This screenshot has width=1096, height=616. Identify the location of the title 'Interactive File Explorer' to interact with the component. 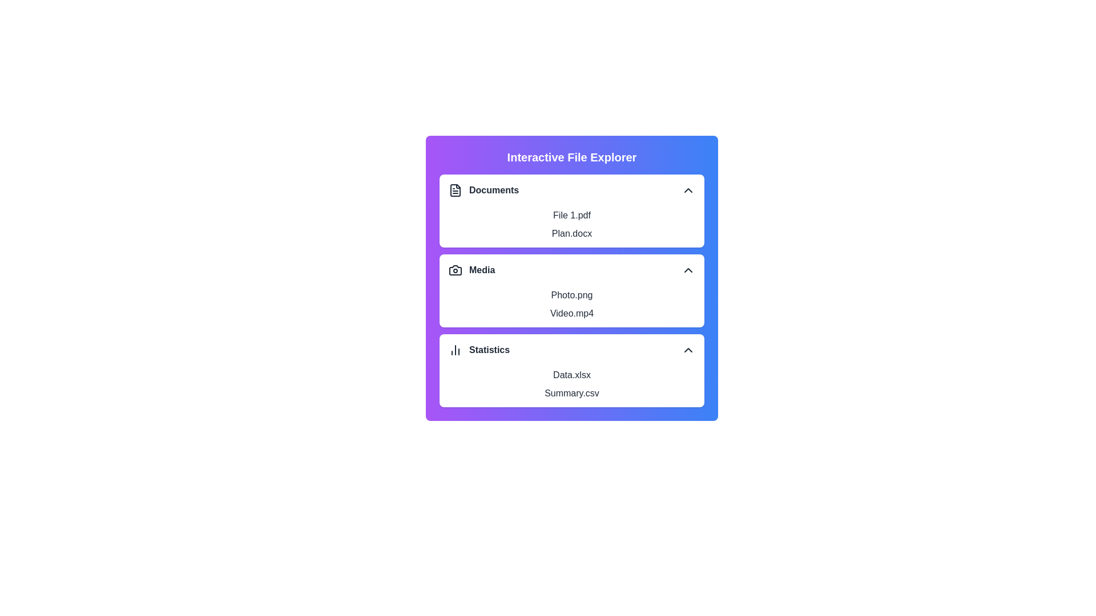
(572, 157).